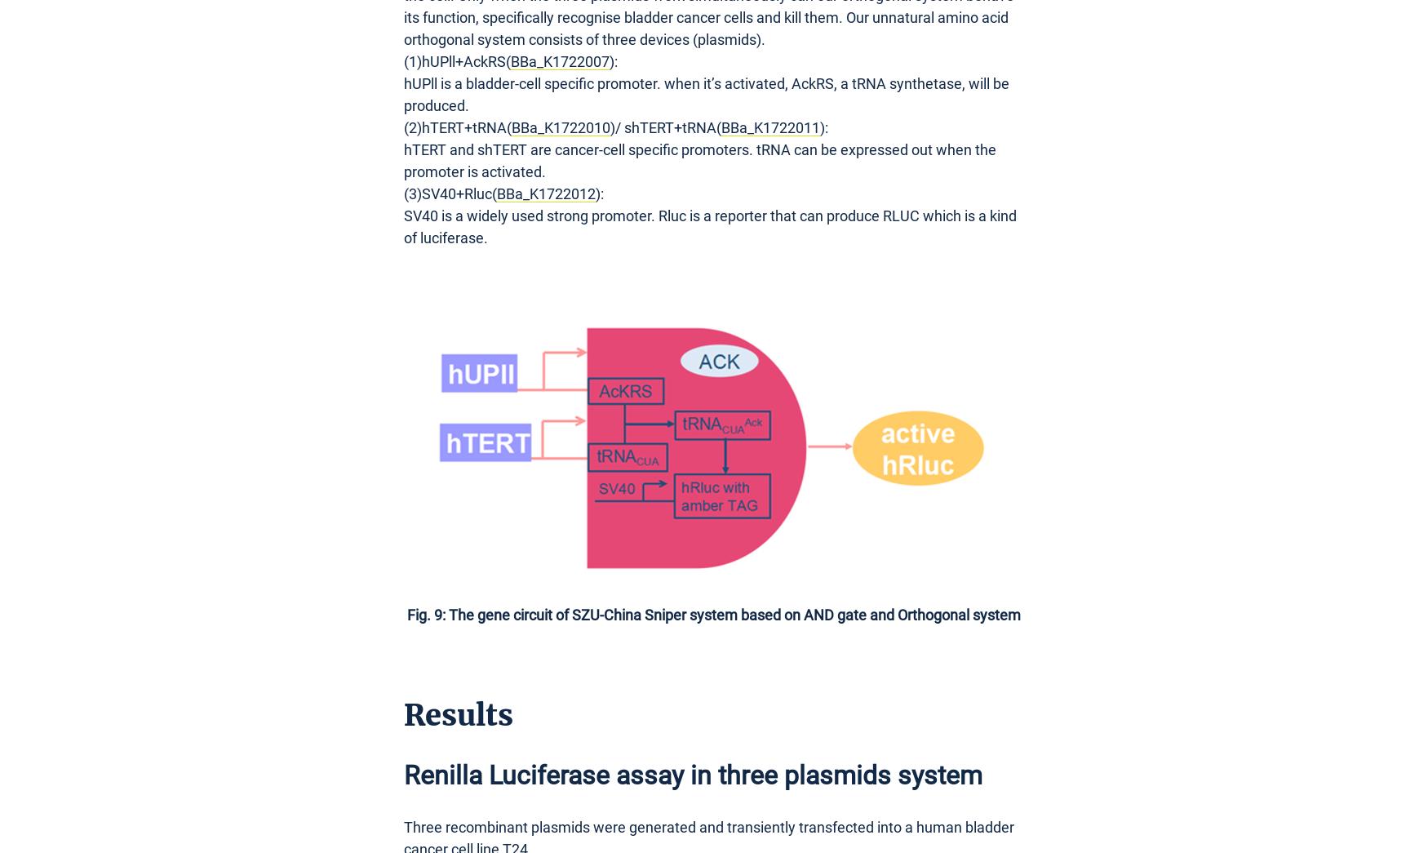 Image resolution: width=1428 pixels, height=853 pixels. What do you see at coordinates (456, 60) in the screenshot?
I see `'(1)hUPll+AckRS('` at bounding box center [456, 60].